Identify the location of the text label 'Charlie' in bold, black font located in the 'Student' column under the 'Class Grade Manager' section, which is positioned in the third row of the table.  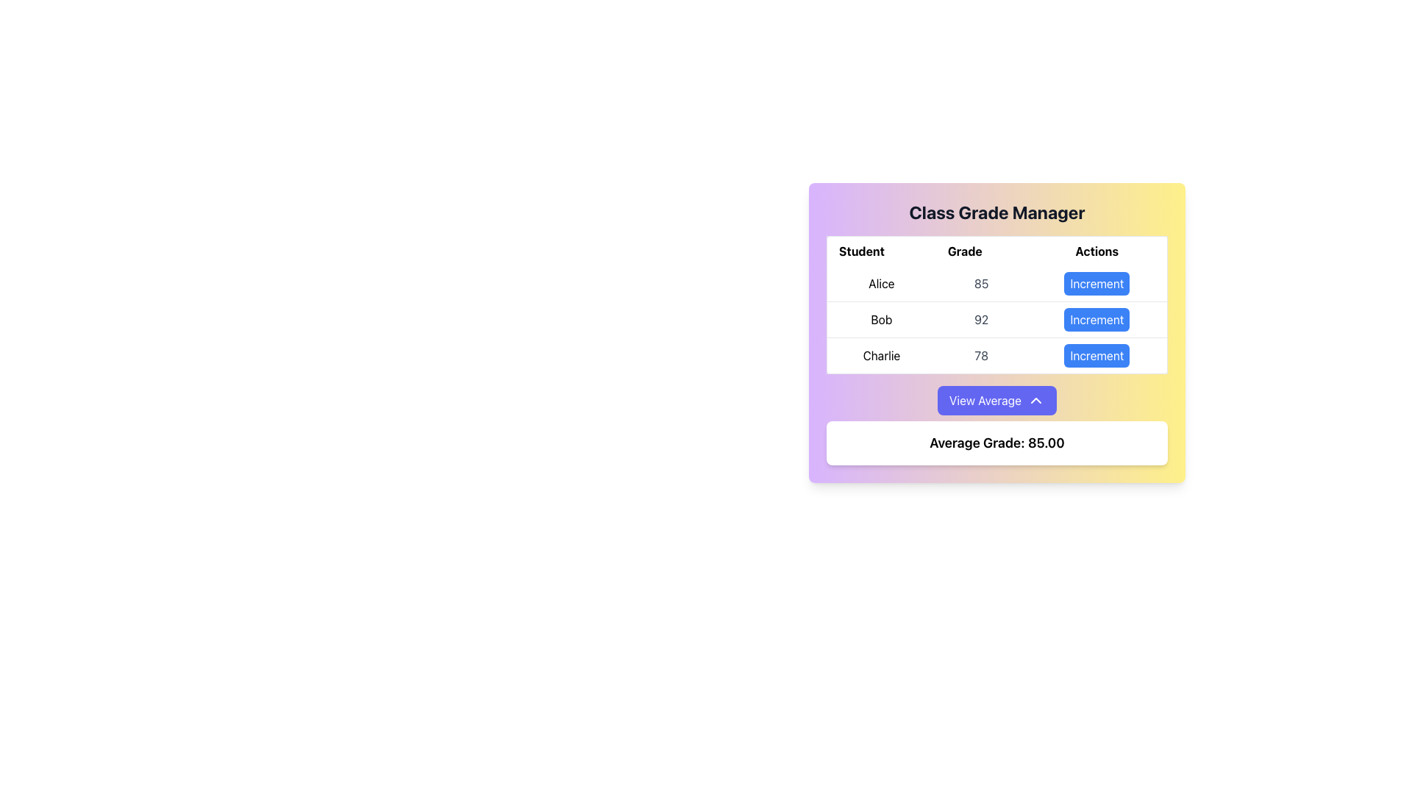
(881, 355).